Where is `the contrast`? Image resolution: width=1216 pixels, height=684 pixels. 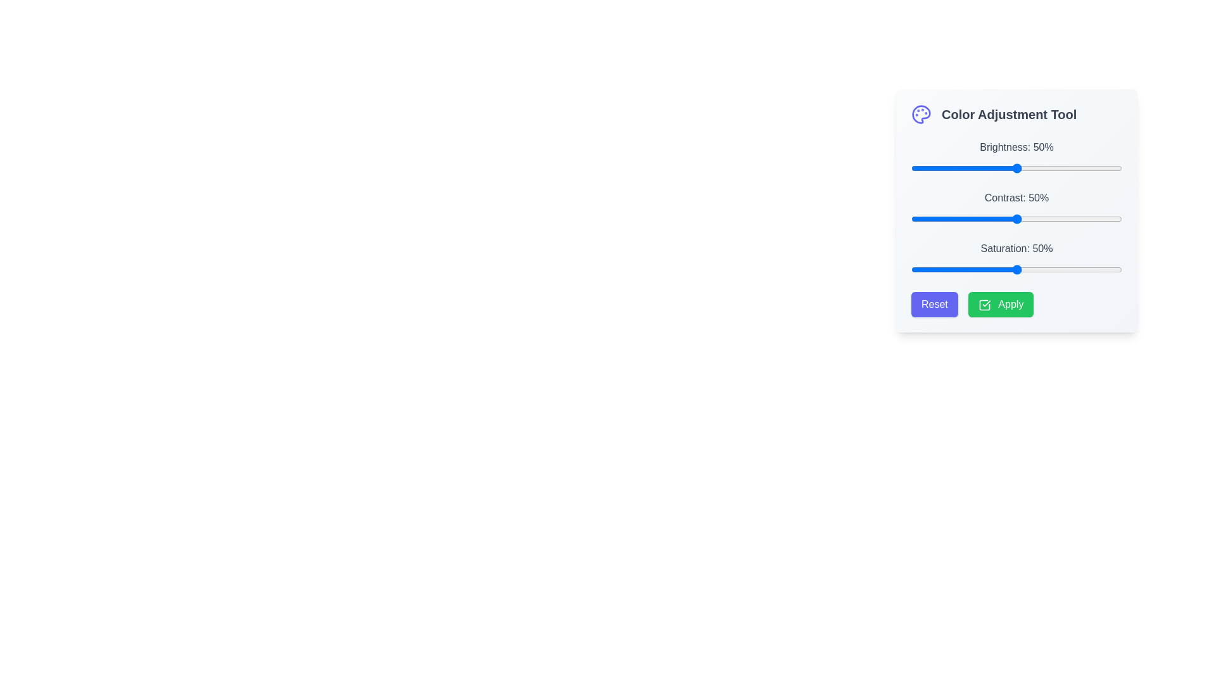 the contrast is located at coordinates (940, 218).